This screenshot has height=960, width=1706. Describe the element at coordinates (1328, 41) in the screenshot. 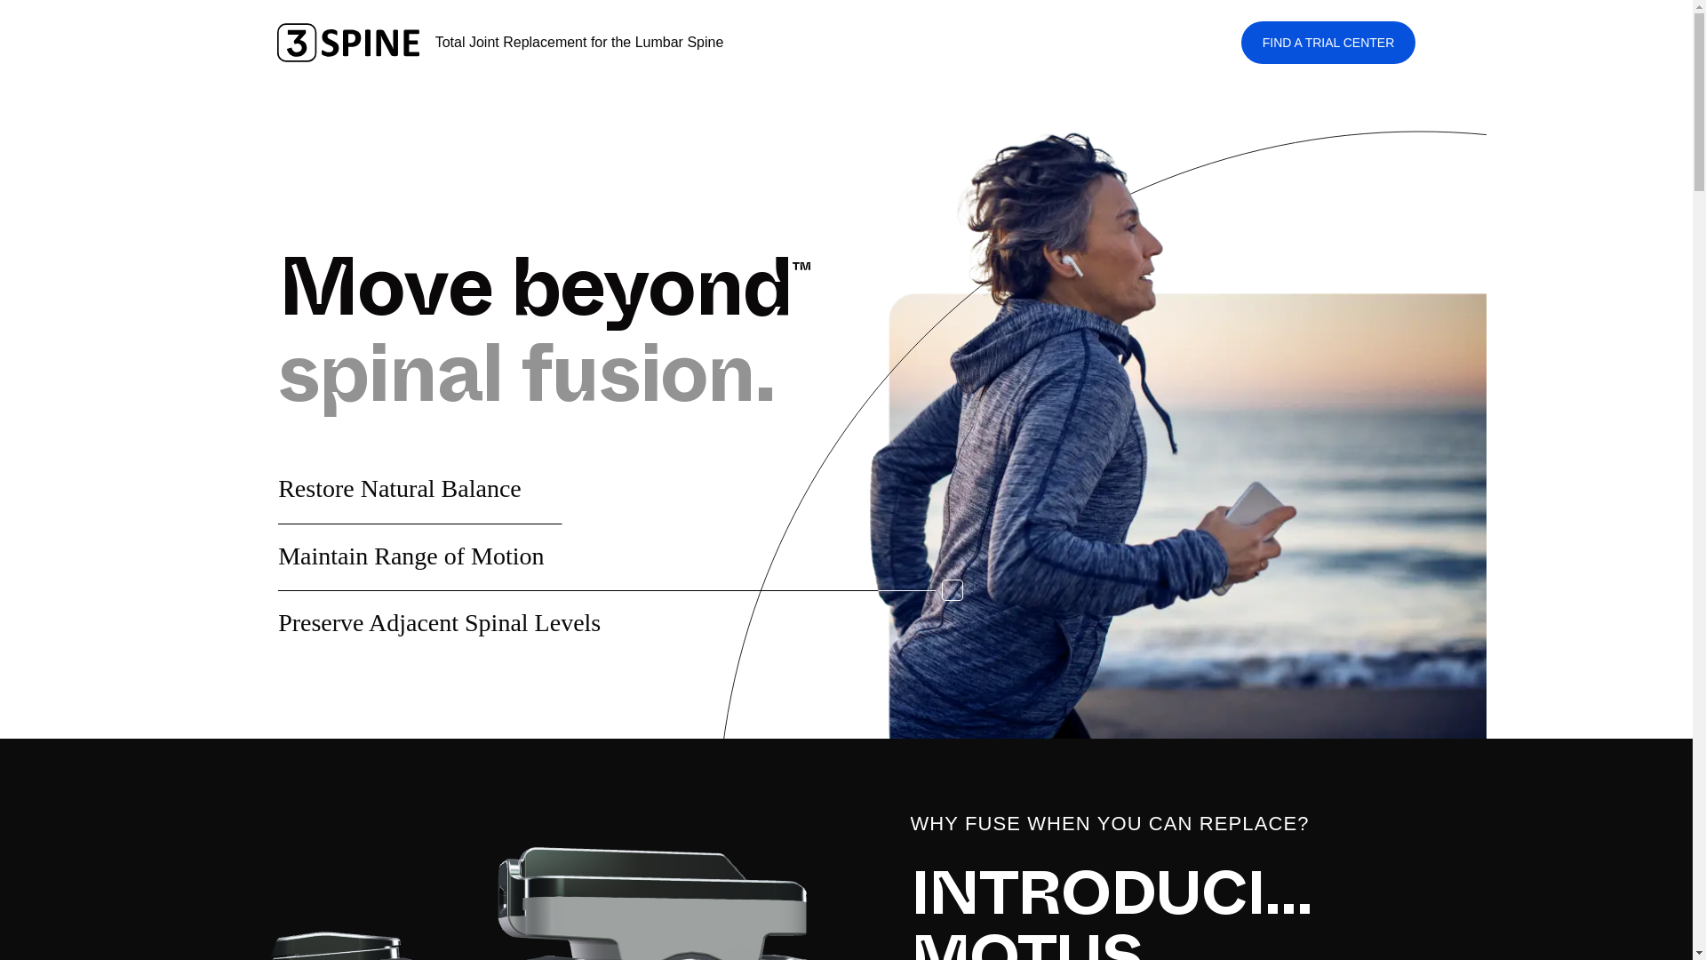

I see `'FIND A TRIAL CENTER'` at that location.